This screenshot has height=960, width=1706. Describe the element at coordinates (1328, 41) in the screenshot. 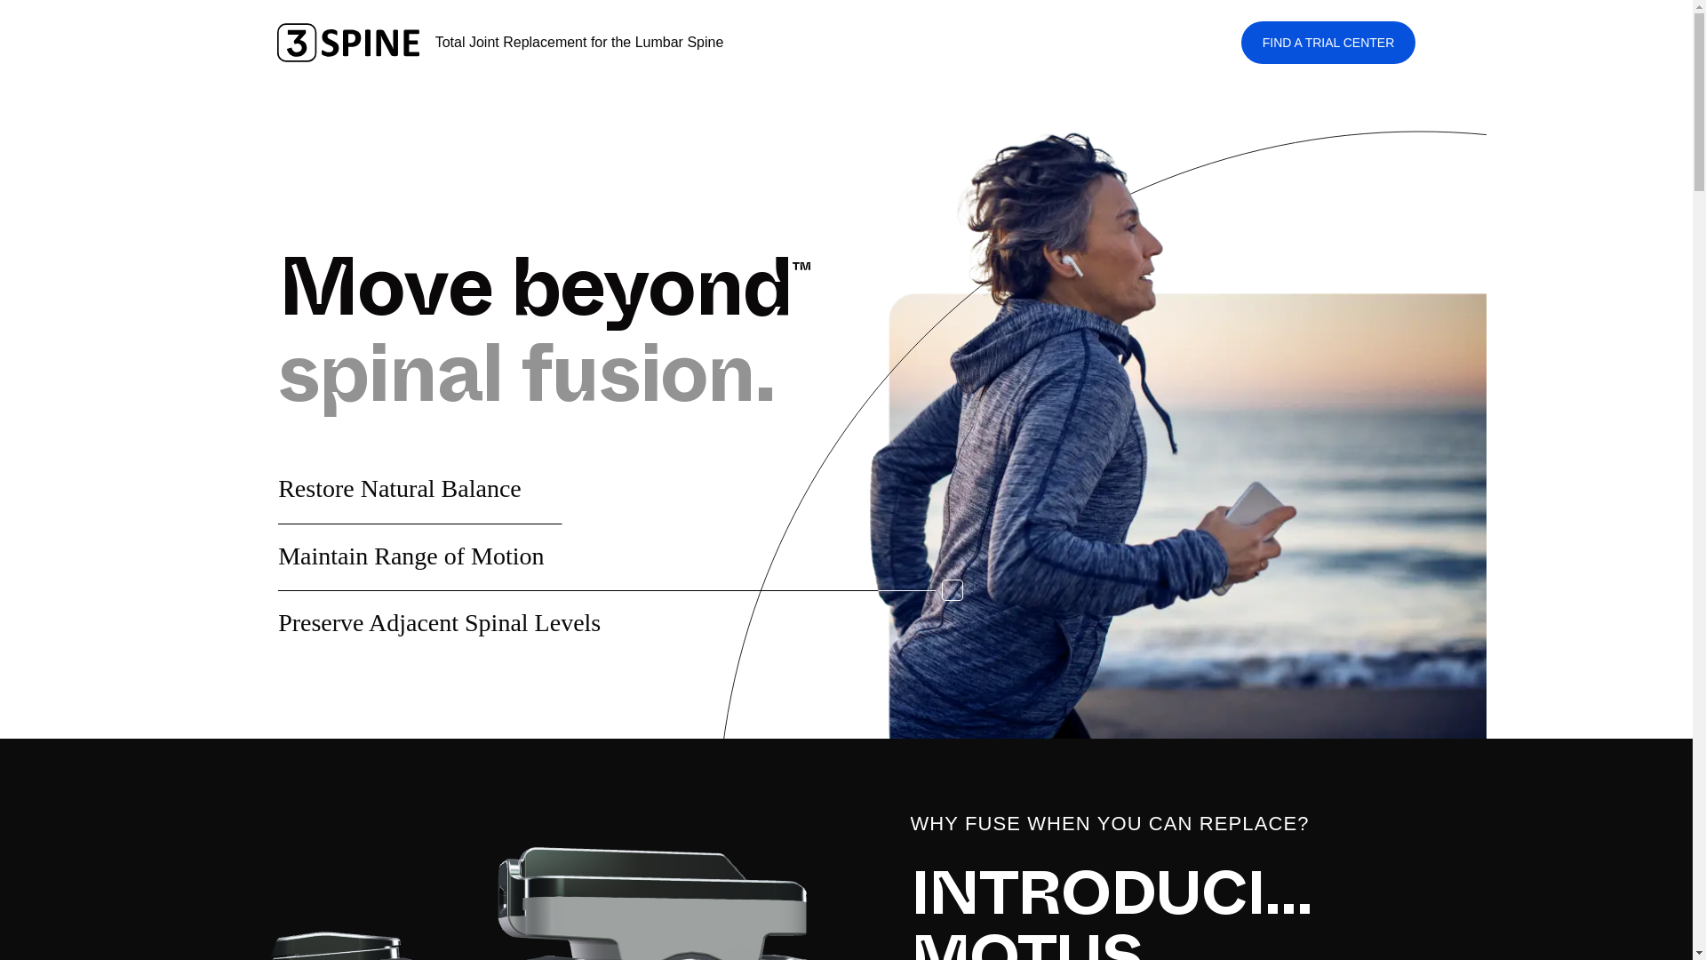

I see `'FIND A TRIAL CENTER'` at that location.